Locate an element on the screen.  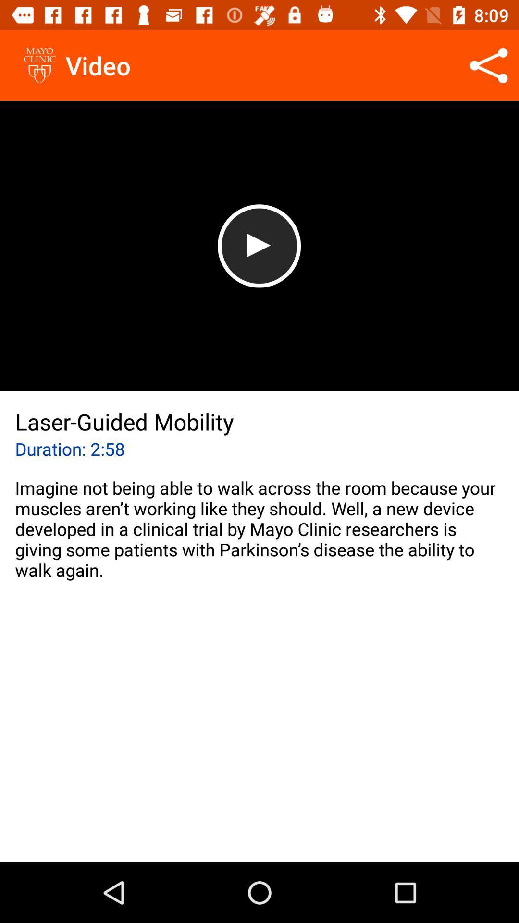
icon above the laser-guided mobility icon is located at coordinates (259, 246).